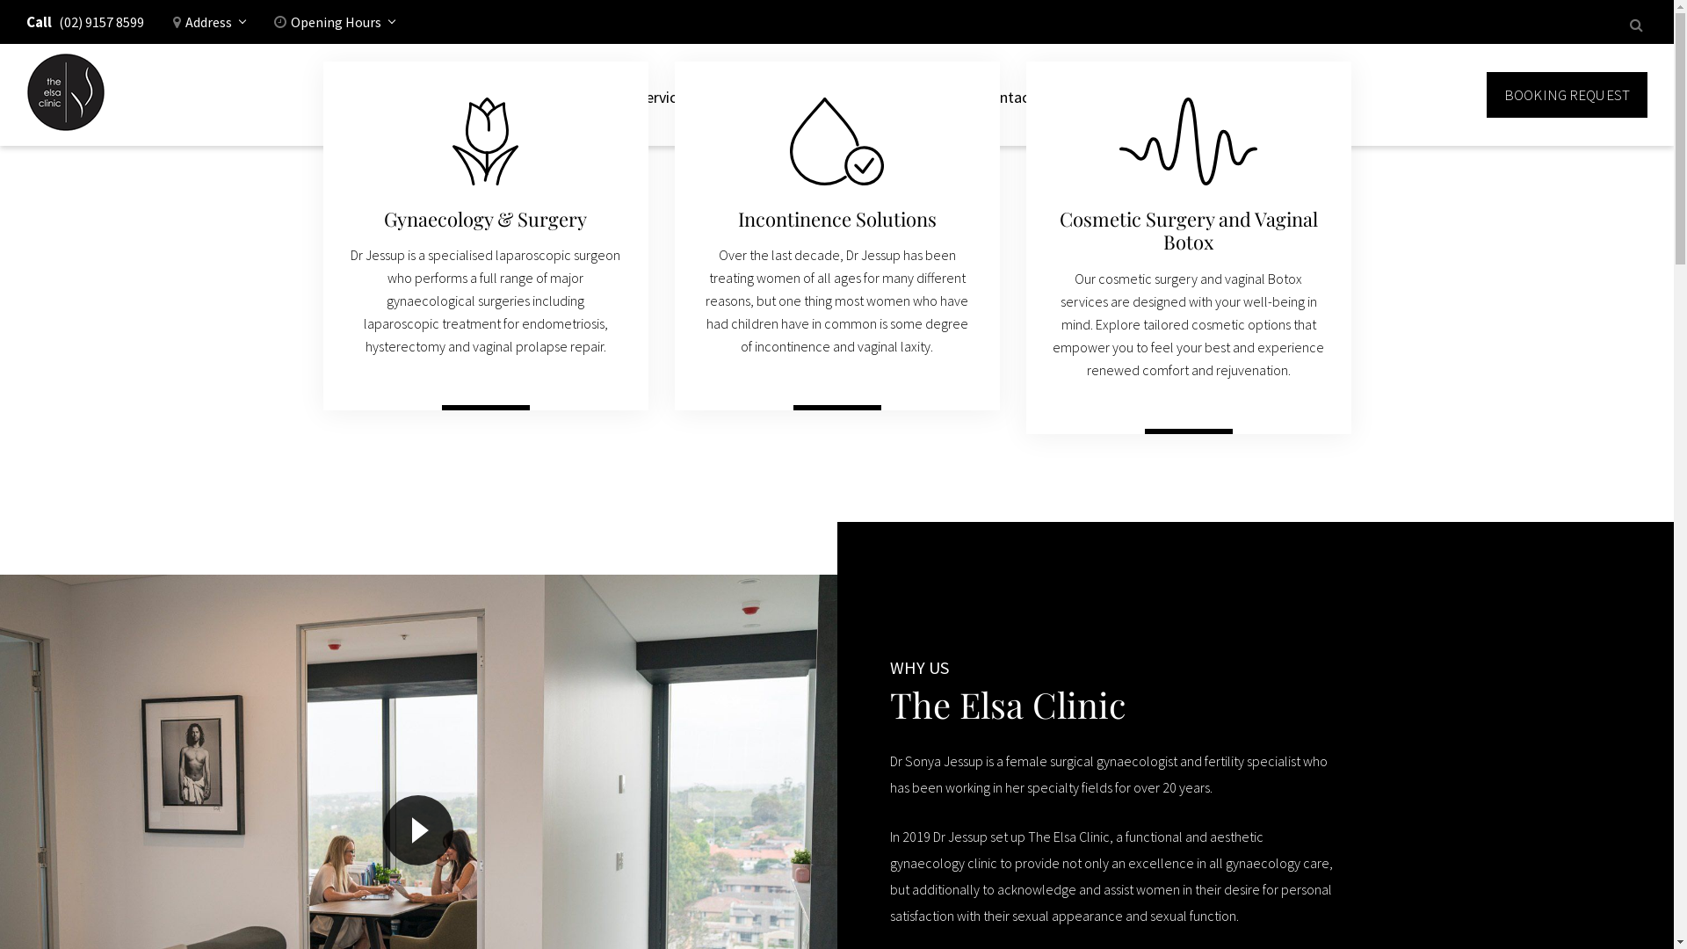 The width and height of the screenshot is (1687, 949). What do you see at coordinates (66, 95) in the screenshot?
I see `'Parramatta Dental Avenue'` at bounding box center [66, 95].